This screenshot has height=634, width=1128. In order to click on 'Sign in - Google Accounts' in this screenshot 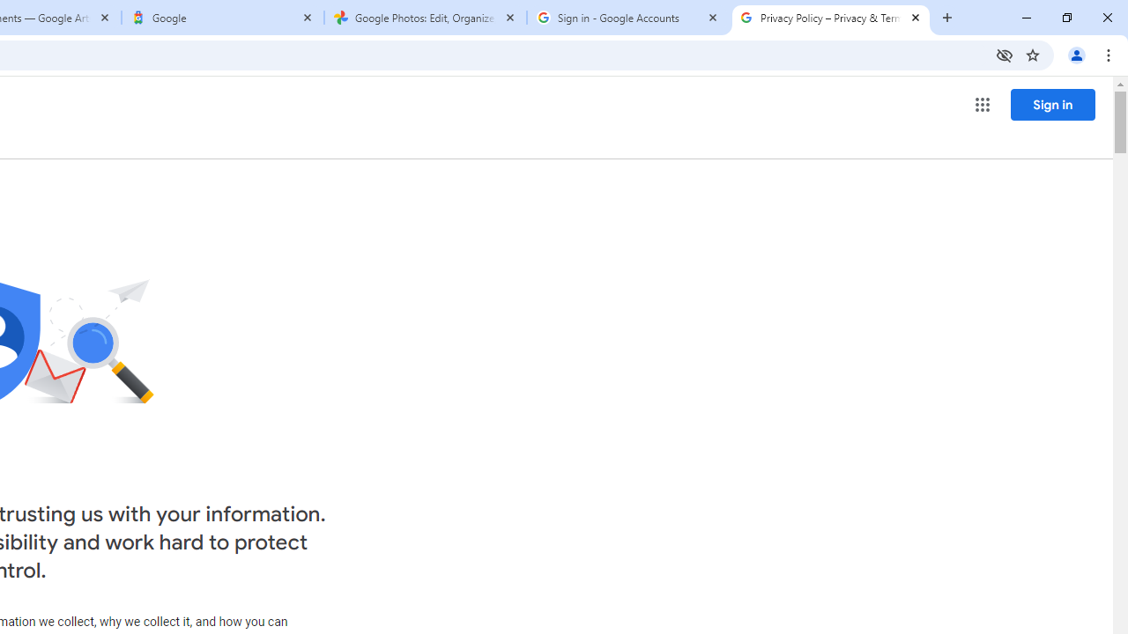, I will do `click(627, 18)`.